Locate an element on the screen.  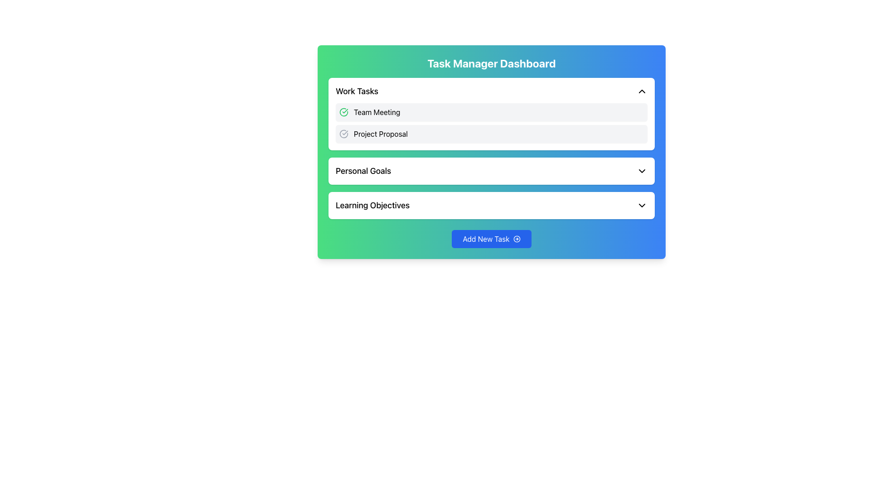
static text element that serves as the title for the 'Task Manager Dashboard' interface, which is prominently displayed at the top of the main panel is located at coordinates (491, 62).